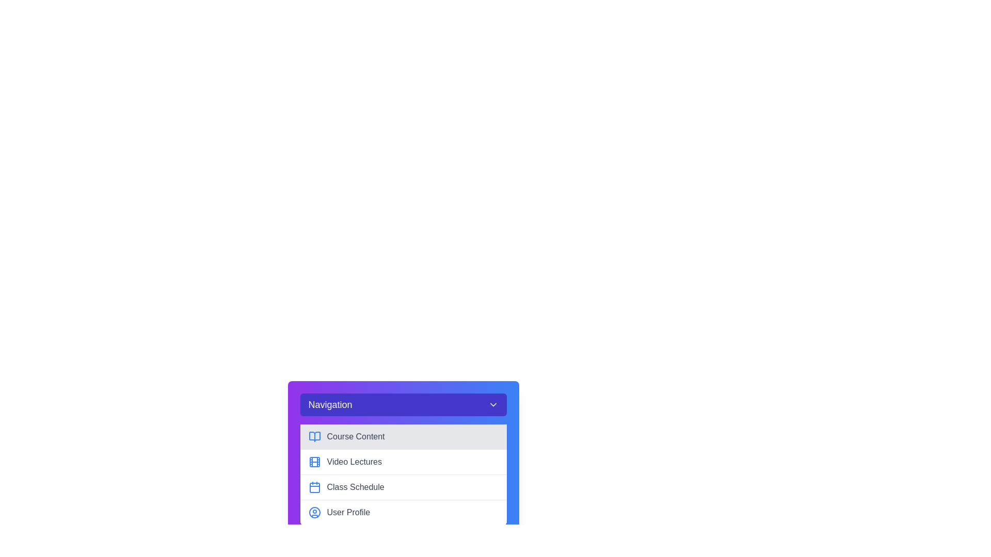 Image resolution: width=991 pixels, height=557 pixels. Describe the element at coordinates (314, 487) in the screenshot. I see `the blue rounded rectangle icon in the 'Class Schedule' section of the navigation menu` at that location.